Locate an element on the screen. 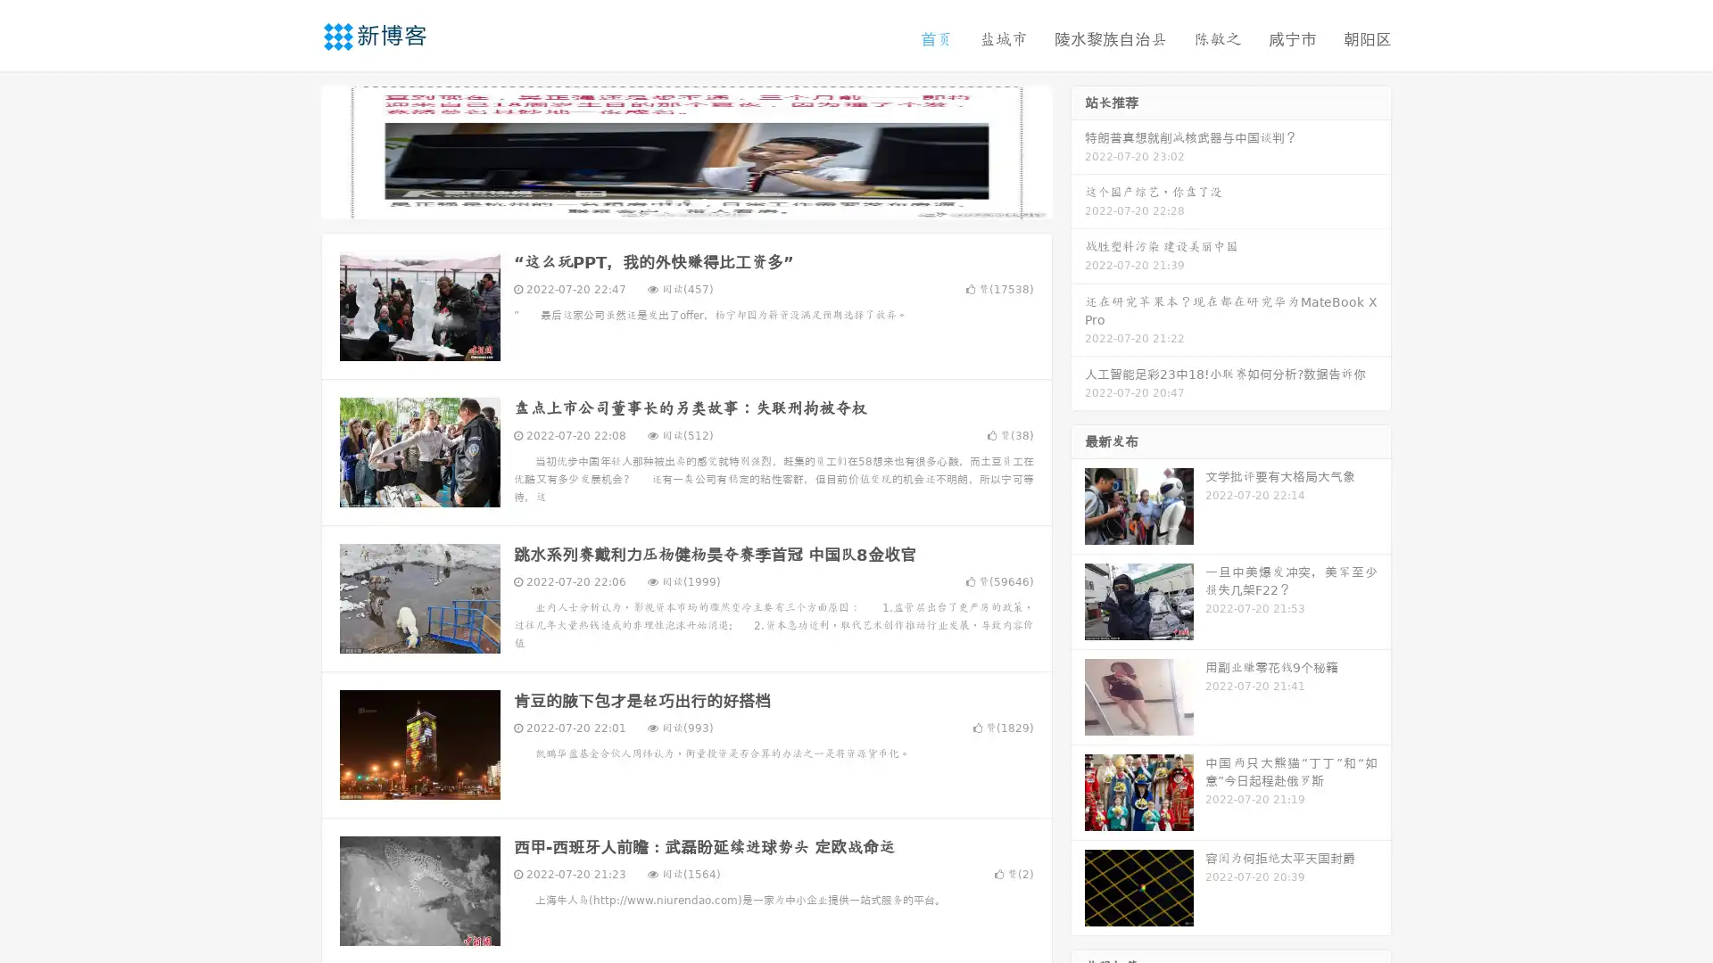 The image size is (1713, 963). Next slide is located at coordinates (1078, 150).